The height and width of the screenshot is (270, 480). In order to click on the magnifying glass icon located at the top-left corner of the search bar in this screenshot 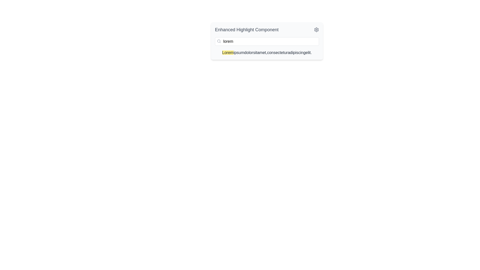, I will do `click(219, 41)`.